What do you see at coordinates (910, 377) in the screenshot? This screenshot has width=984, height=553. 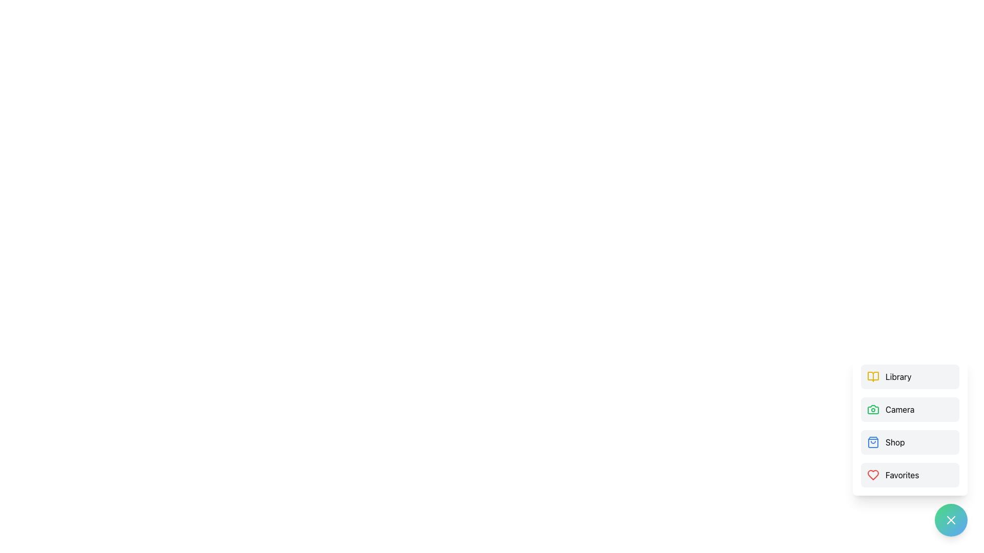 I see `the 'Library' navigation button located at the top of the vertical stack menu` at bounding box center [910, 377].